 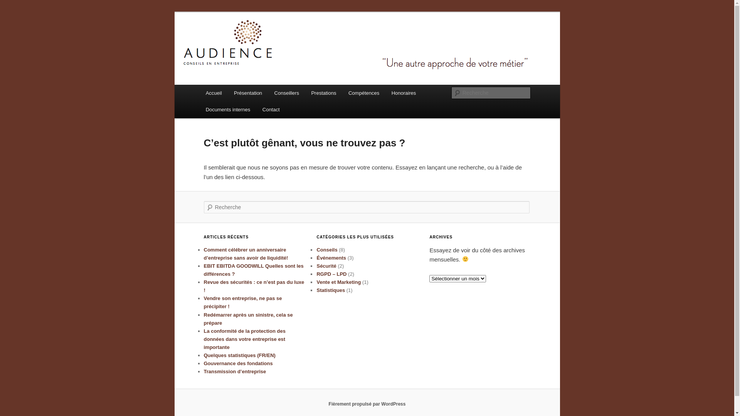 What do you see at coordinates (286, 92) in the screenshot?
I see `'Conseillers'` at bounding box center [286, 92].